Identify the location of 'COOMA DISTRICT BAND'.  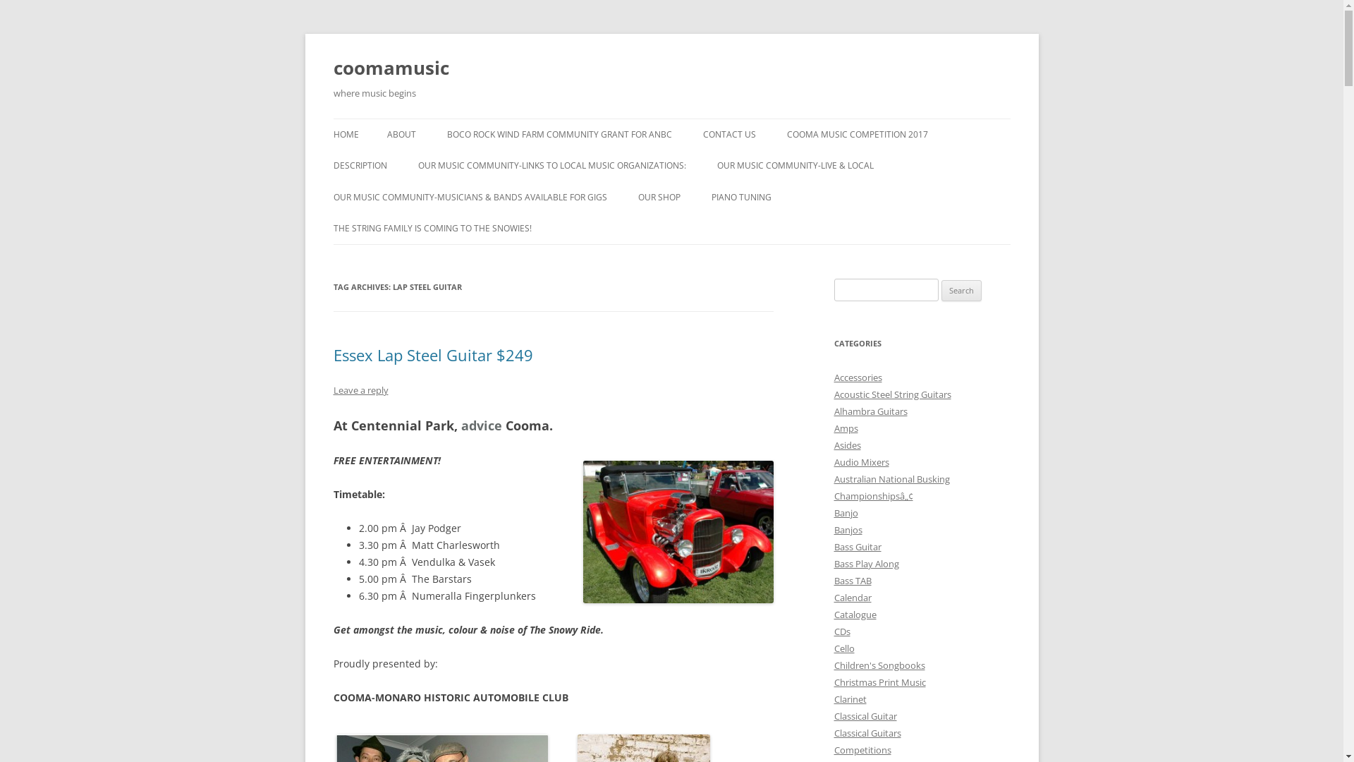
(786, 196).